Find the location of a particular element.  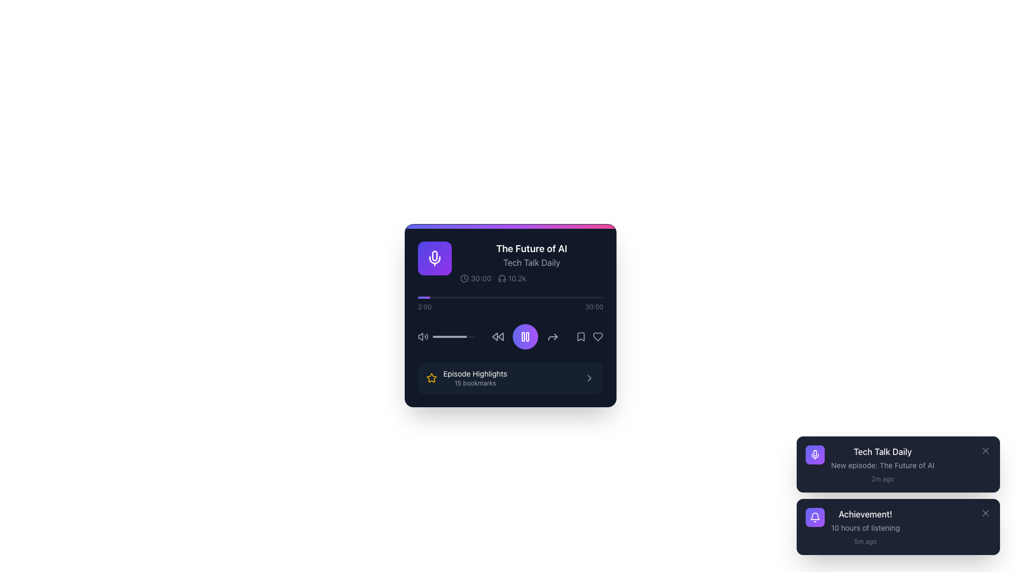

the circular pause button with a gradient background located centrally at the bottom segment of the card is located at coordinates (525, 337).